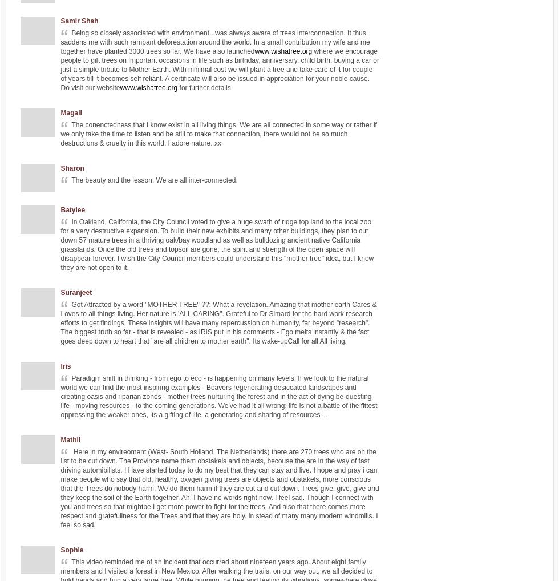 This screenshot has height=581, width=559. I want to click on 'where we encourage people to gift trees on important occasions in life such as birthday, anniversary, child birth, buying a car or just a simple tribute to Mother Earth. With minimal cost we will plant a tree and take care of it for couple of years till it becomes self reliant. A certificate will also be issued in appreciation for your noble cause. Do visit our website', so click(60, 68).